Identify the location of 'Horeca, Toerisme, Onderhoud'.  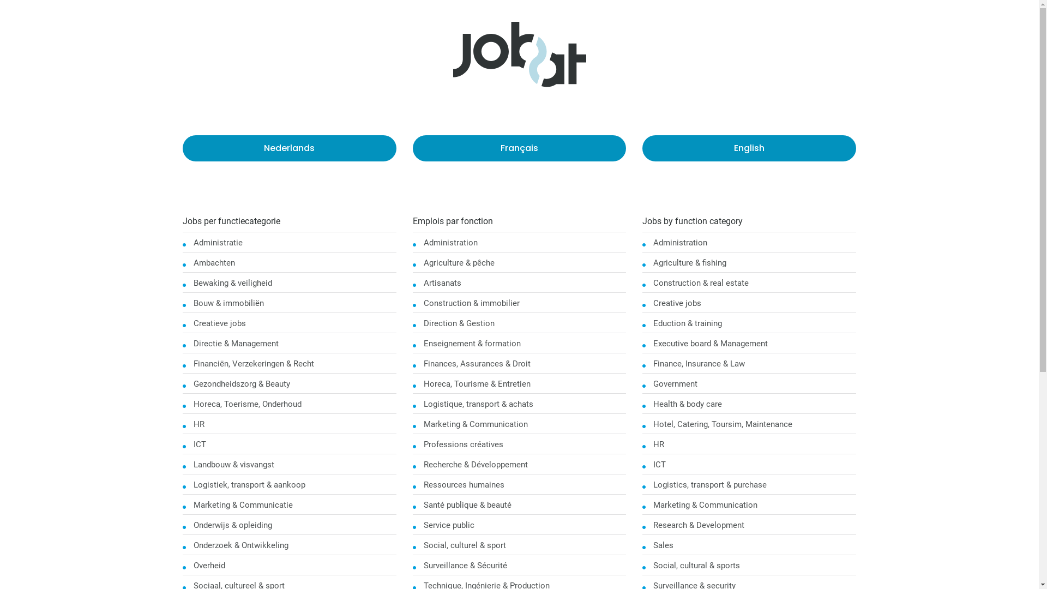
(247, 404).